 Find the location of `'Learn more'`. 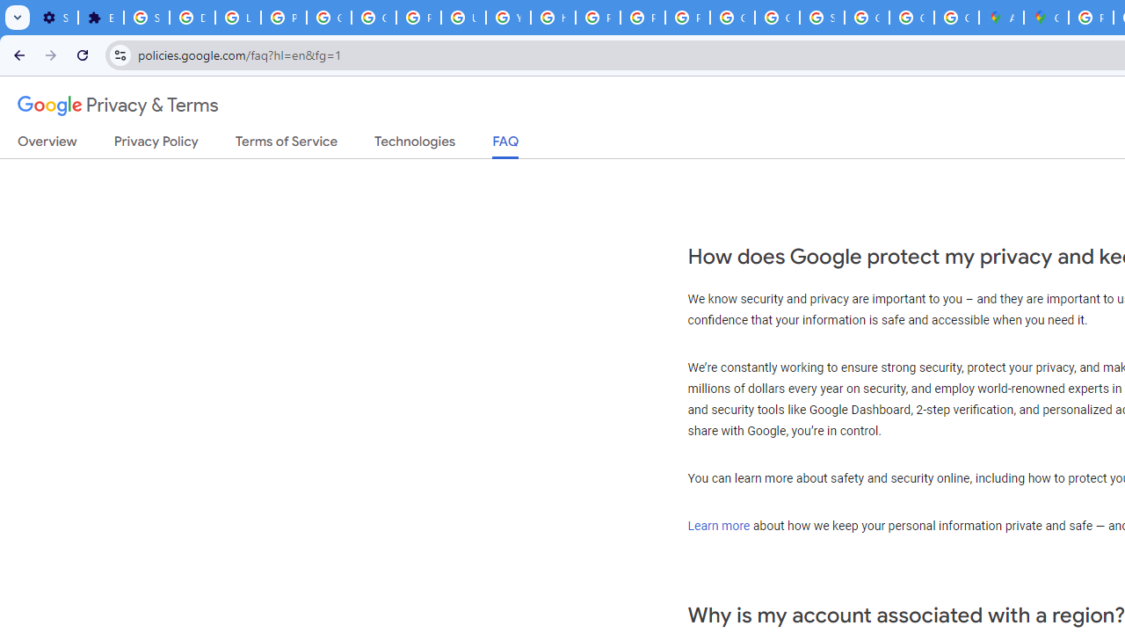

'Learn more' is located at coordinates (718, 524).